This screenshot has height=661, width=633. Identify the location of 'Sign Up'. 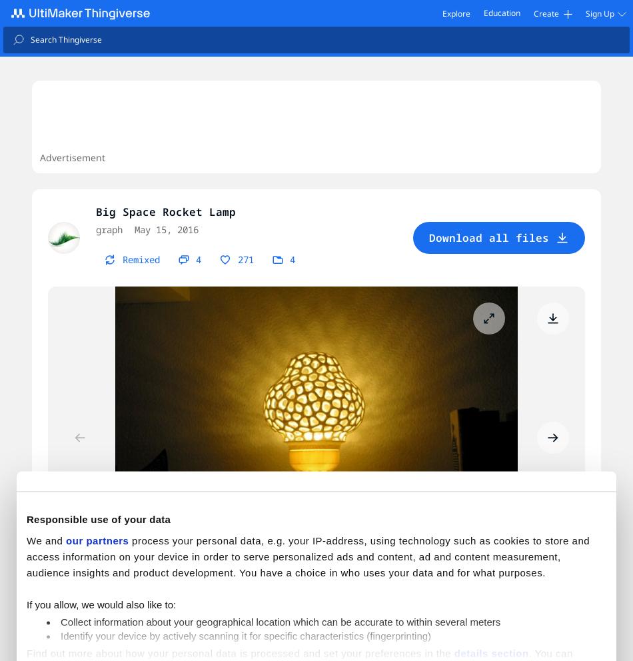
(599, 12).